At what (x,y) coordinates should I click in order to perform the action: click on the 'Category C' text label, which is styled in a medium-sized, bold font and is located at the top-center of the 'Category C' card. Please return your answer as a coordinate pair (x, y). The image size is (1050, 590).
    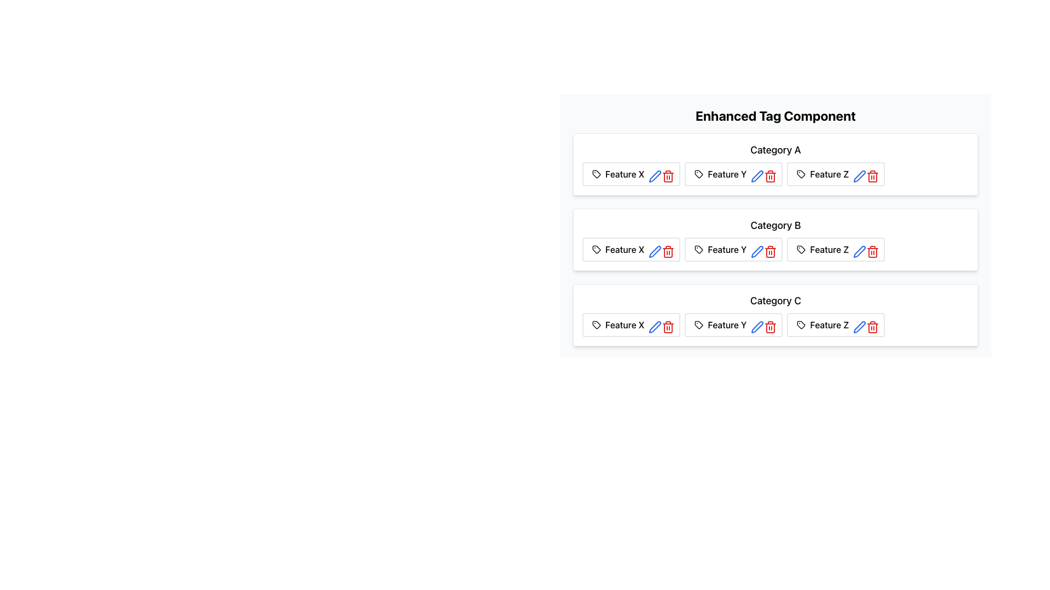
    Looking at the image, I should click on (775, 301).